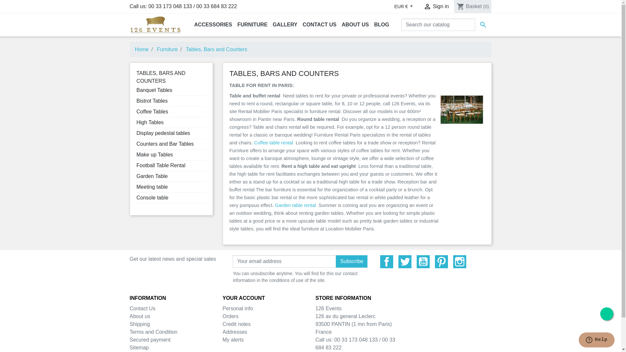 This screenshot has height=352, width=626. Describe the element at coordinates (252, 24) in the screenshot. I see `'FURNITURE'` at that location.